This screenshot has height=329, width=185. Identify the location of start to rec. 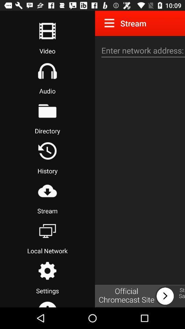
(47, 31).